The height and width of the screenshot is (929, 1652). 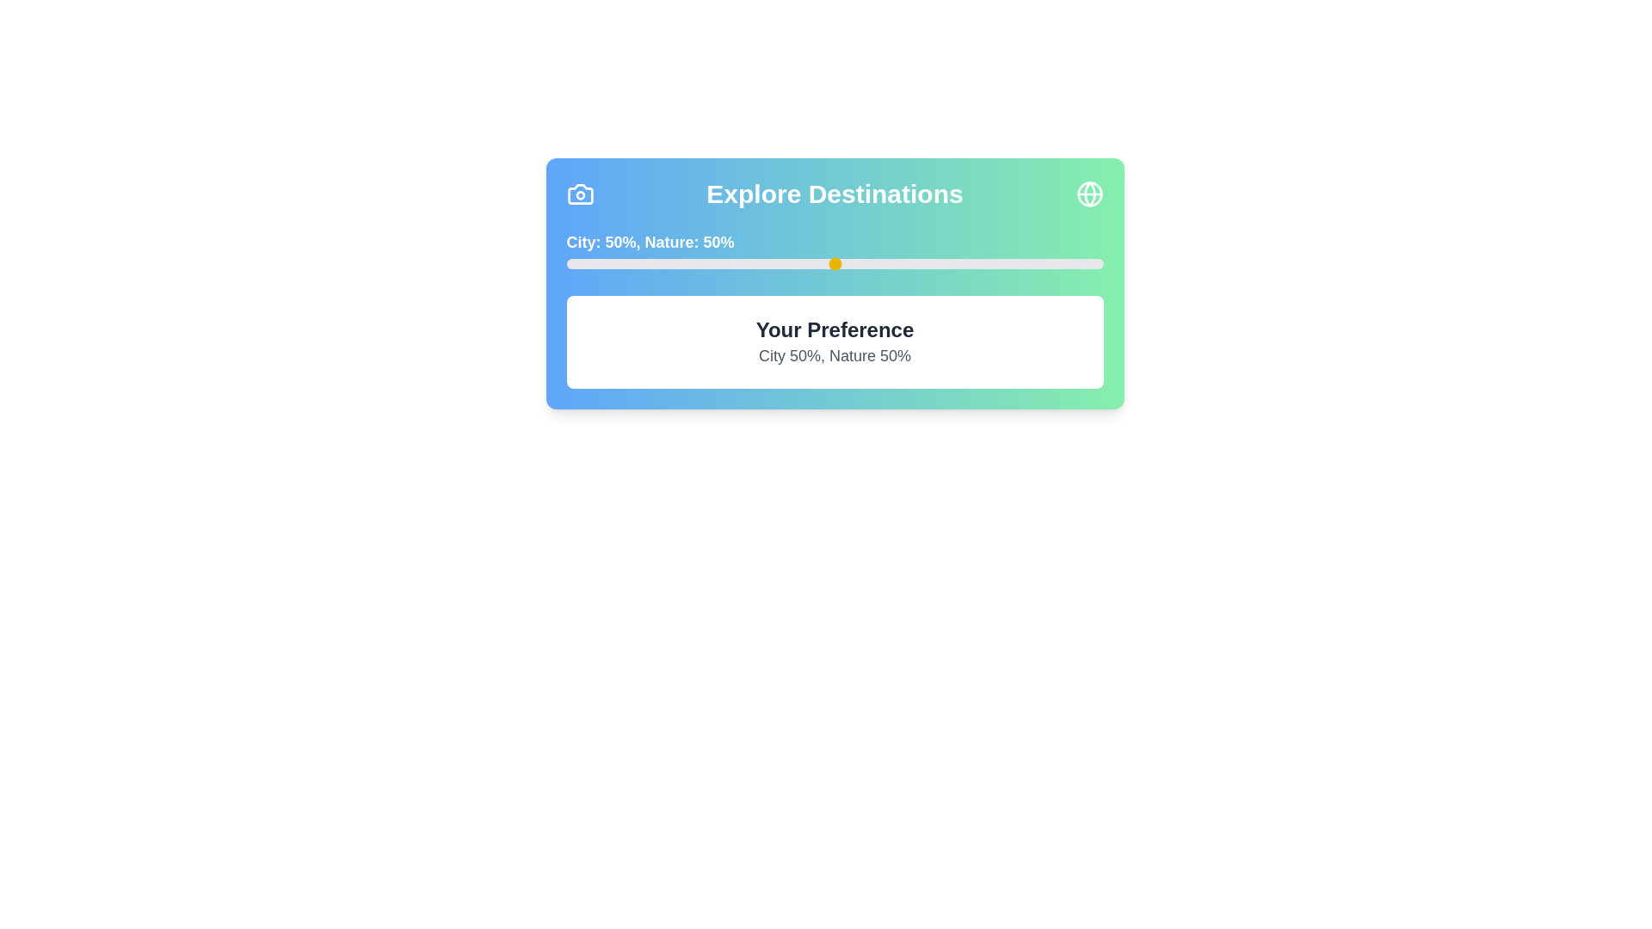 What do you see at coordinates (580, 194) in the screenshot?
I see `the Camera icon to trigger its associated functionality` at bounding box center [580, 194].